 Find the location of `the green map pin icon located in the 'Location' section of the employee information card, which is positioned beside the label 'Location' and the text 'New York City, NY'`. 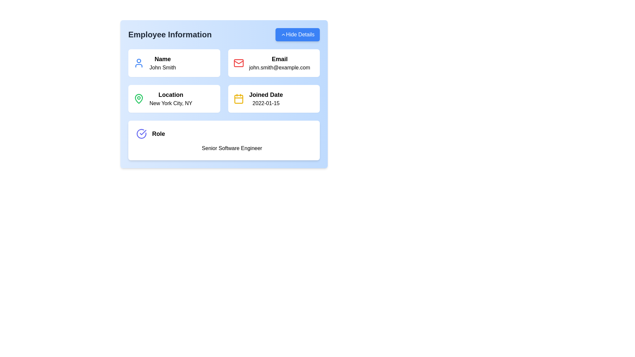

the green map pin icon located in the 'Location' section of the employee information card, which is positioned beside the label 'Location' and the text 'New York City, NY' is located at coordinates (139, 99).